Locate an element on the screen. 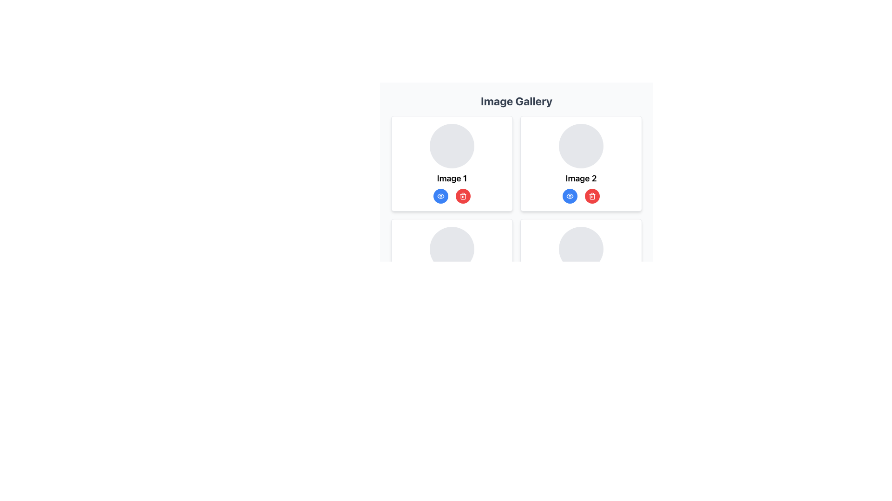  the text label that states 'Image 2', which is styled with a larger, bold font and is positioned below a rounded gray placeholder image is located at coordinates (581, 179).